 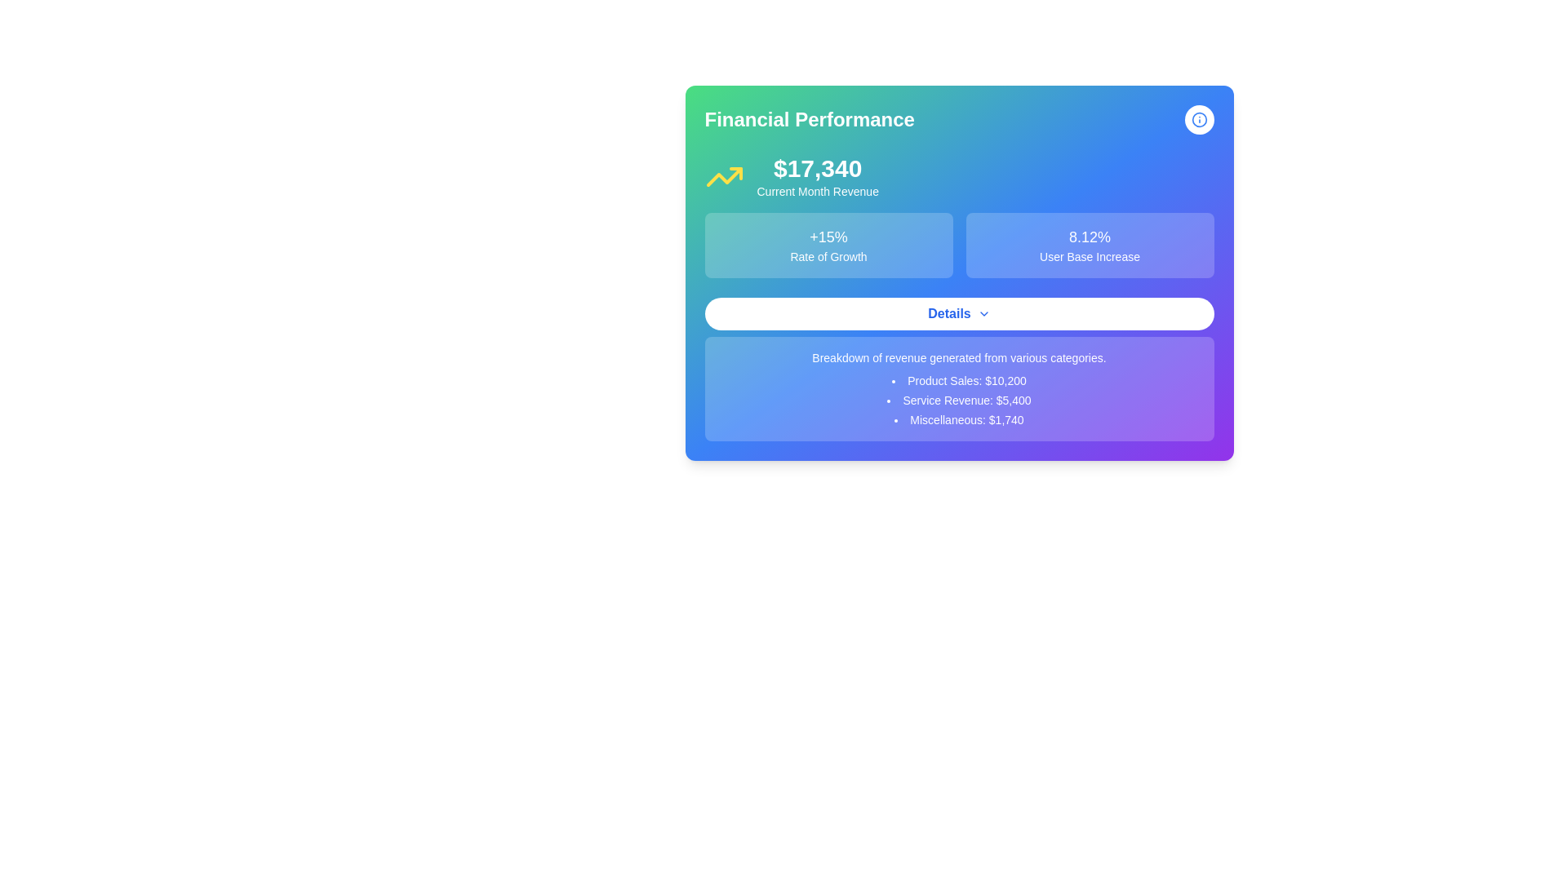 What do you see at coordinates (959, 400) in the screenshot?
I see `the second text label in the financial performance statistics panel that displays service revenue, located between 'Product Sales: $10,200' and 'Miscellaneous: $1,740'` at bounding box center [959, 400].